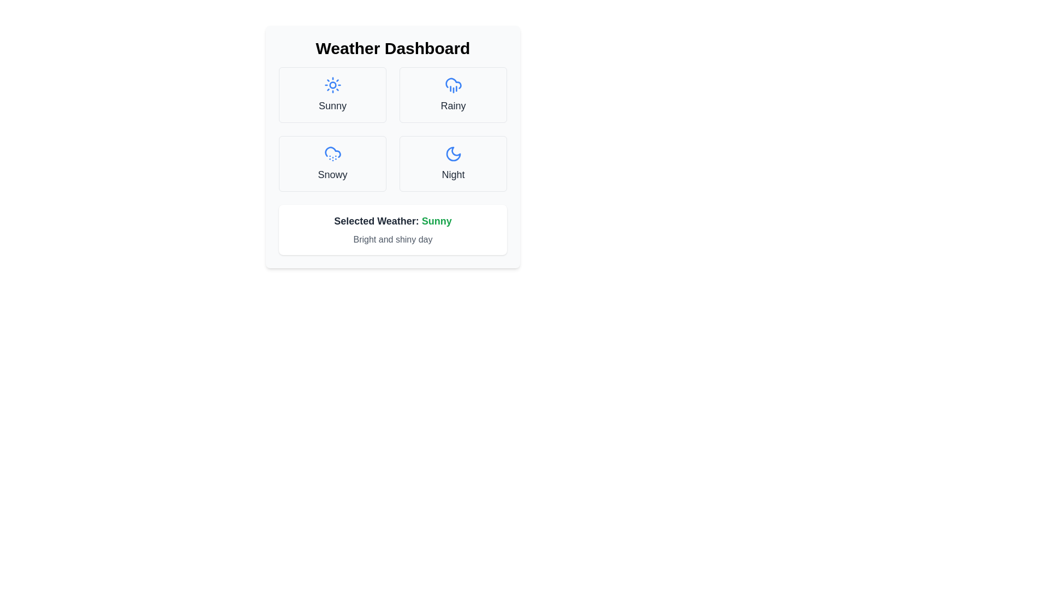 The width and height of the screenshot is (1048, 590). What do you see at coordinates (453, 84) in the screenshot?
I see `the cloud icon with blue rain drops, which is the second item in the top row of weather options on the 'Weather Dashboard' panel, positioned above the text 'Rainy'` at bounding box center [453, 84].